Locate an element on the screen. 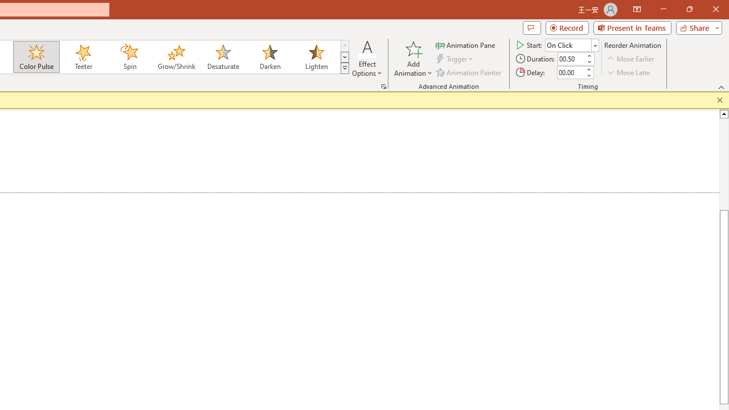 Image resolution: width=729 pixels, height=410 pixels. 'Teeter' is located at coordinates (82, 57).